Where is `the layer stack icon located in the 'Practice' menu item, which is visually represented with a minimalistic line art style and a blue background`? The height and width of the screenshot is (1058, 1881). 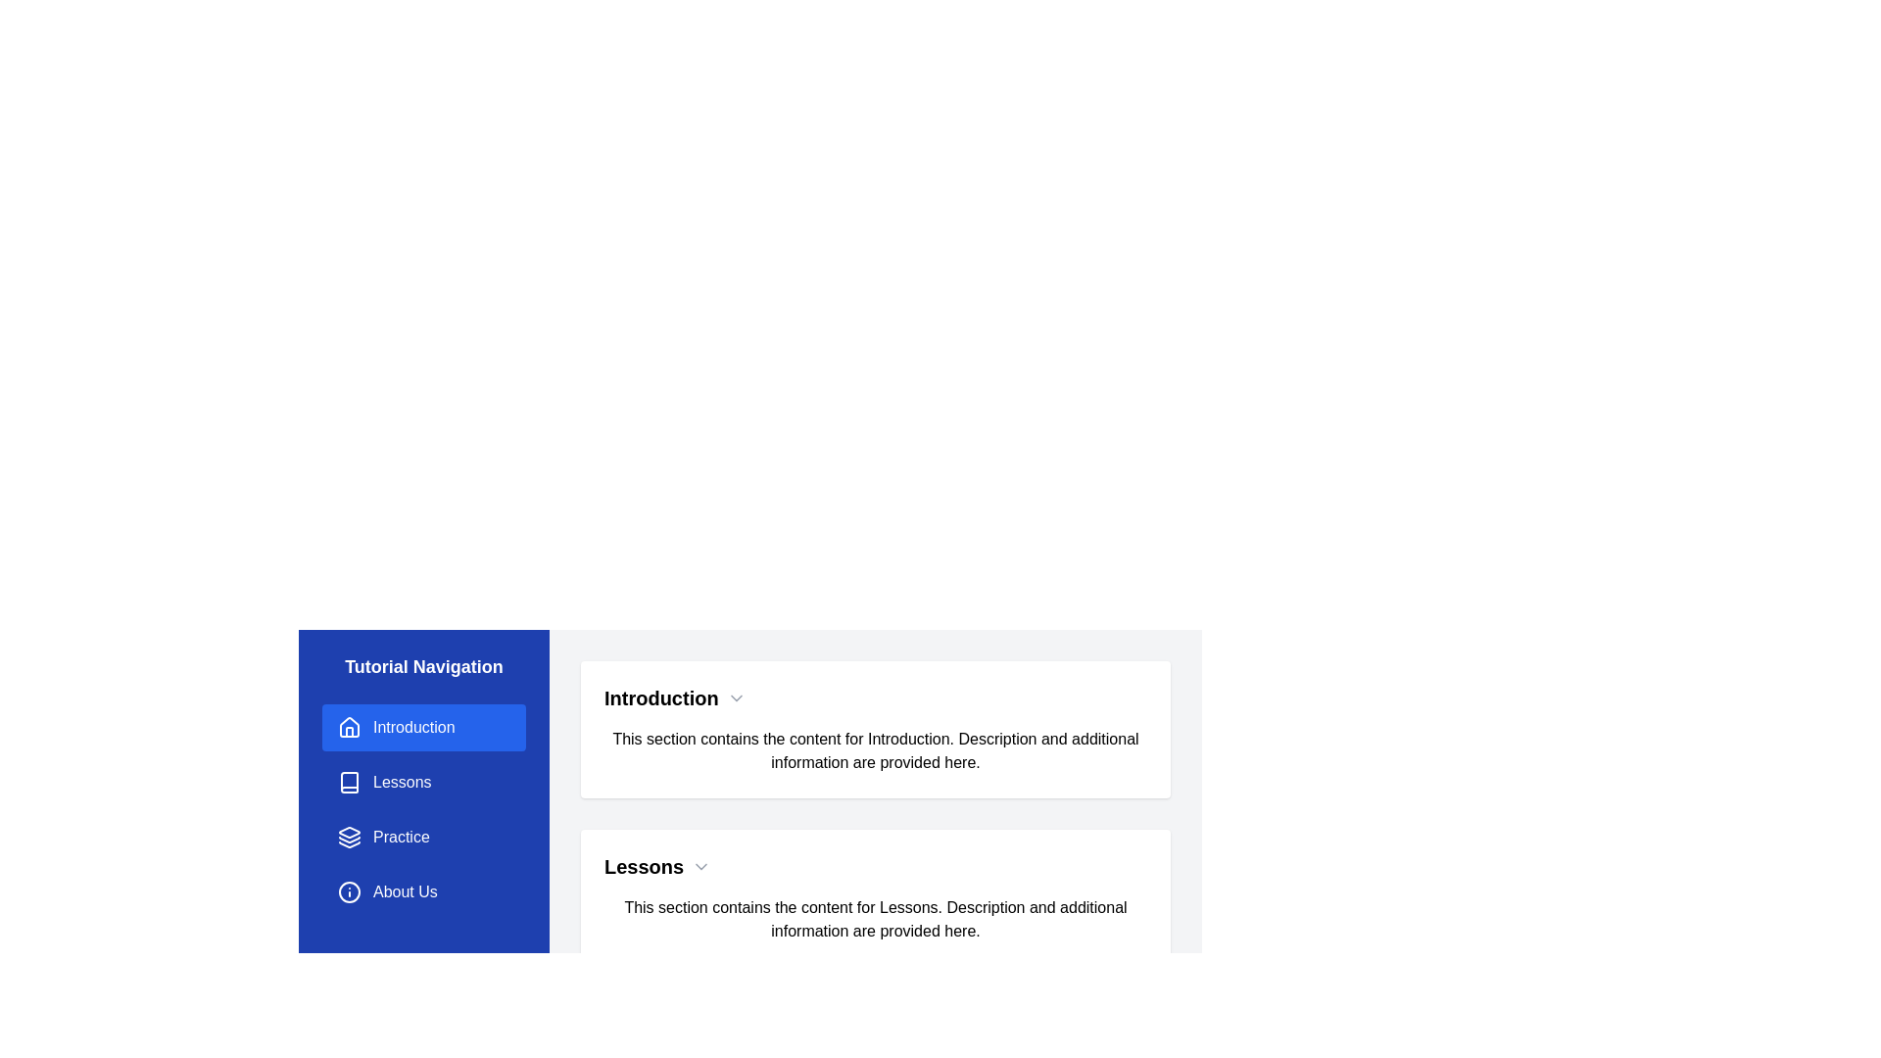 the layer stack icon located in the 'Practice' menu item, which is visually represented with a minimalistic line art style and a blue background is located at coordinates (349, 838).